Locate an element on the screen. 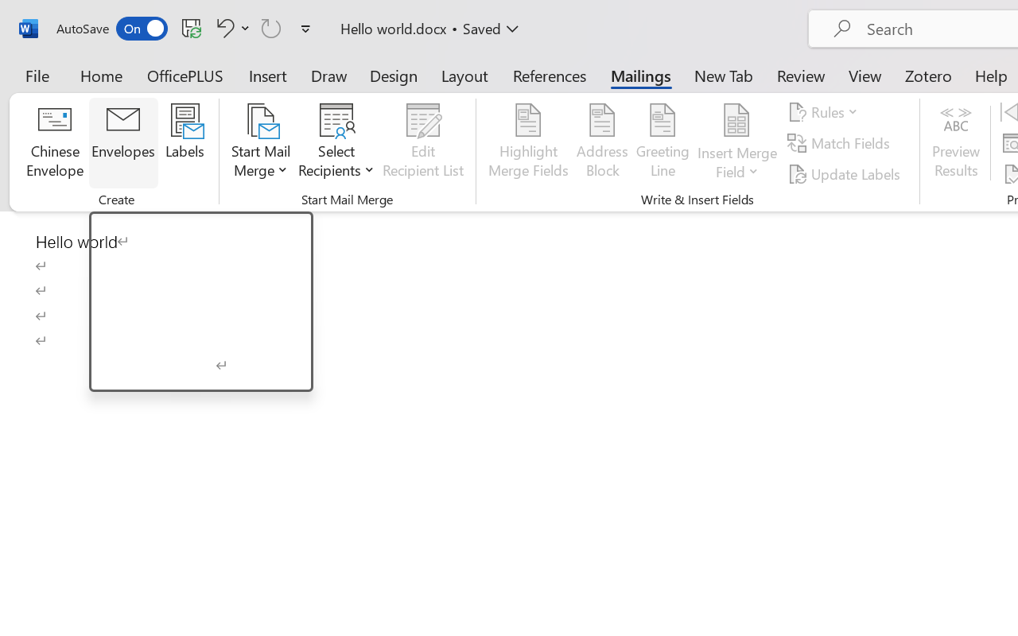 The image size is (1018, 636). 'Select Recipients' is located at coordinates (336, 142).